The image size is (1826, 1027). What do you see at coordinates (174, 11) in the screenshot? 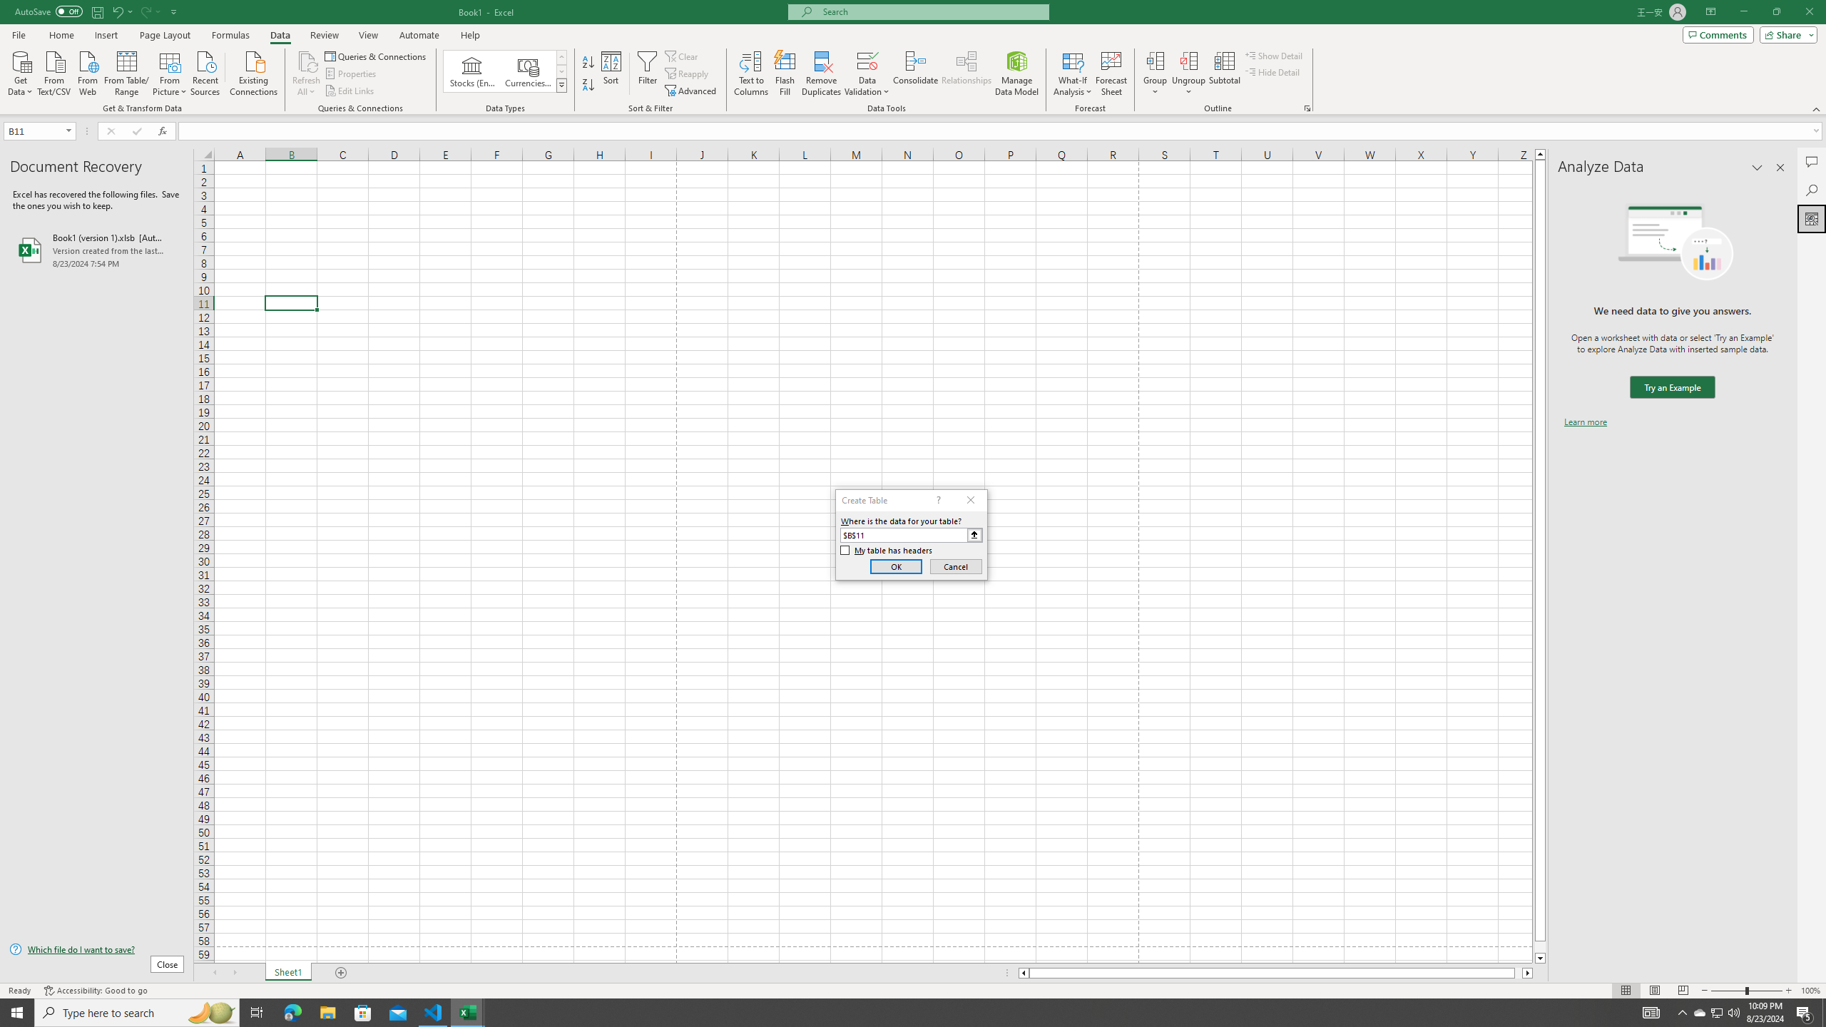
I see `'Customize Quick Access Toolbar'` at bounding box center [174, 11].